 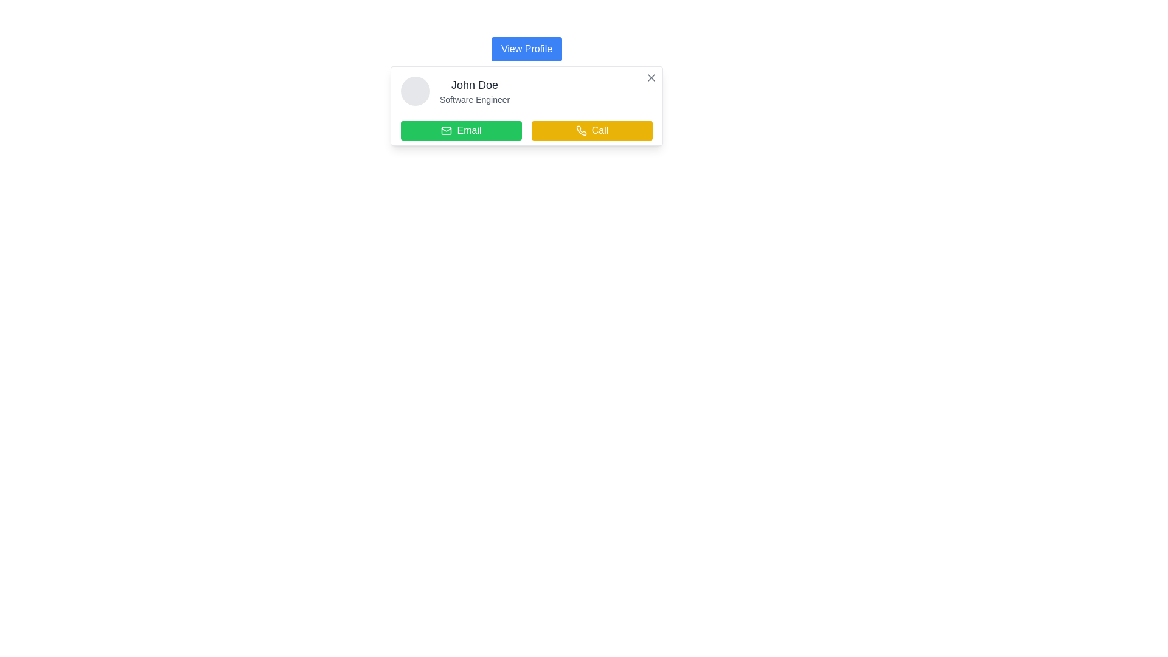 What do you see at coordinates (474, 84) in the screenshot?
I see `the text element displaying the name 'John Doe', which is styled in bold gray within a profile information card` at bounding box center [474, 84].